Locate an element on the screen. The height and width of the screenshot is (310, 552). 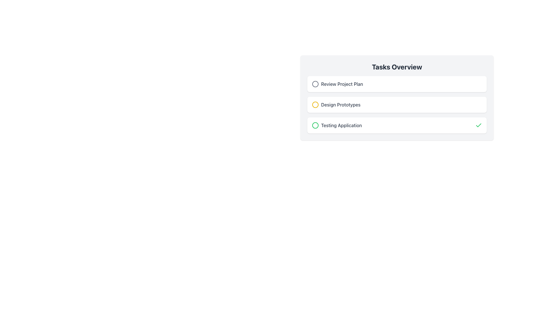
the task list item labeled 'Review Project Plan', which is the first item in the vertically stacked task list, featuring a circular icon with a gray border is located at coordinates (337, 84).